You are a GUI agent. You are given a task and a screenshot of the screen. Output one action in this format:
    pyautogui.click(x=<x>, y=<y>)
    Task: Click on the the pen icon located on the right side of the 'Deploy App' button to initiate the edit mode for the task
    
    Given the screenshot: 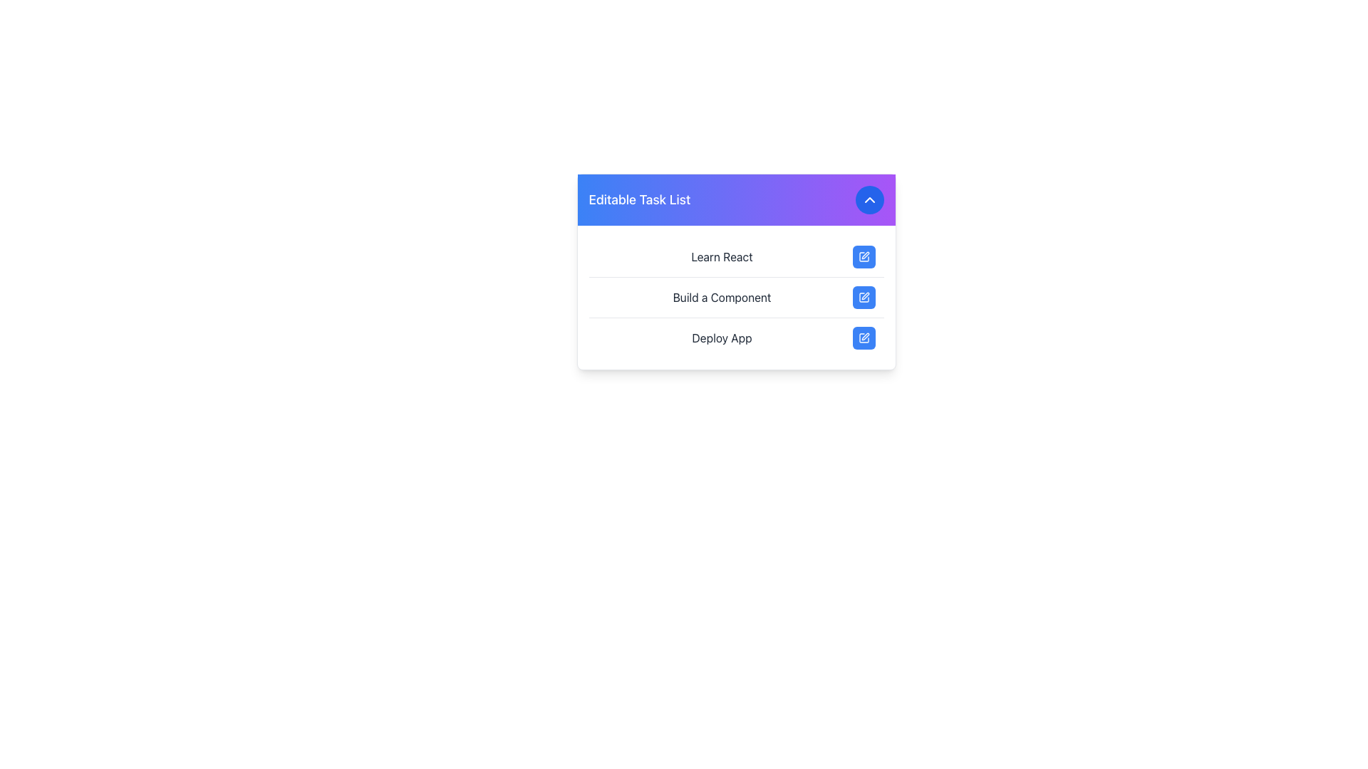 What is the action you would take?
    pyautogui.click(x=864, y=337)
    